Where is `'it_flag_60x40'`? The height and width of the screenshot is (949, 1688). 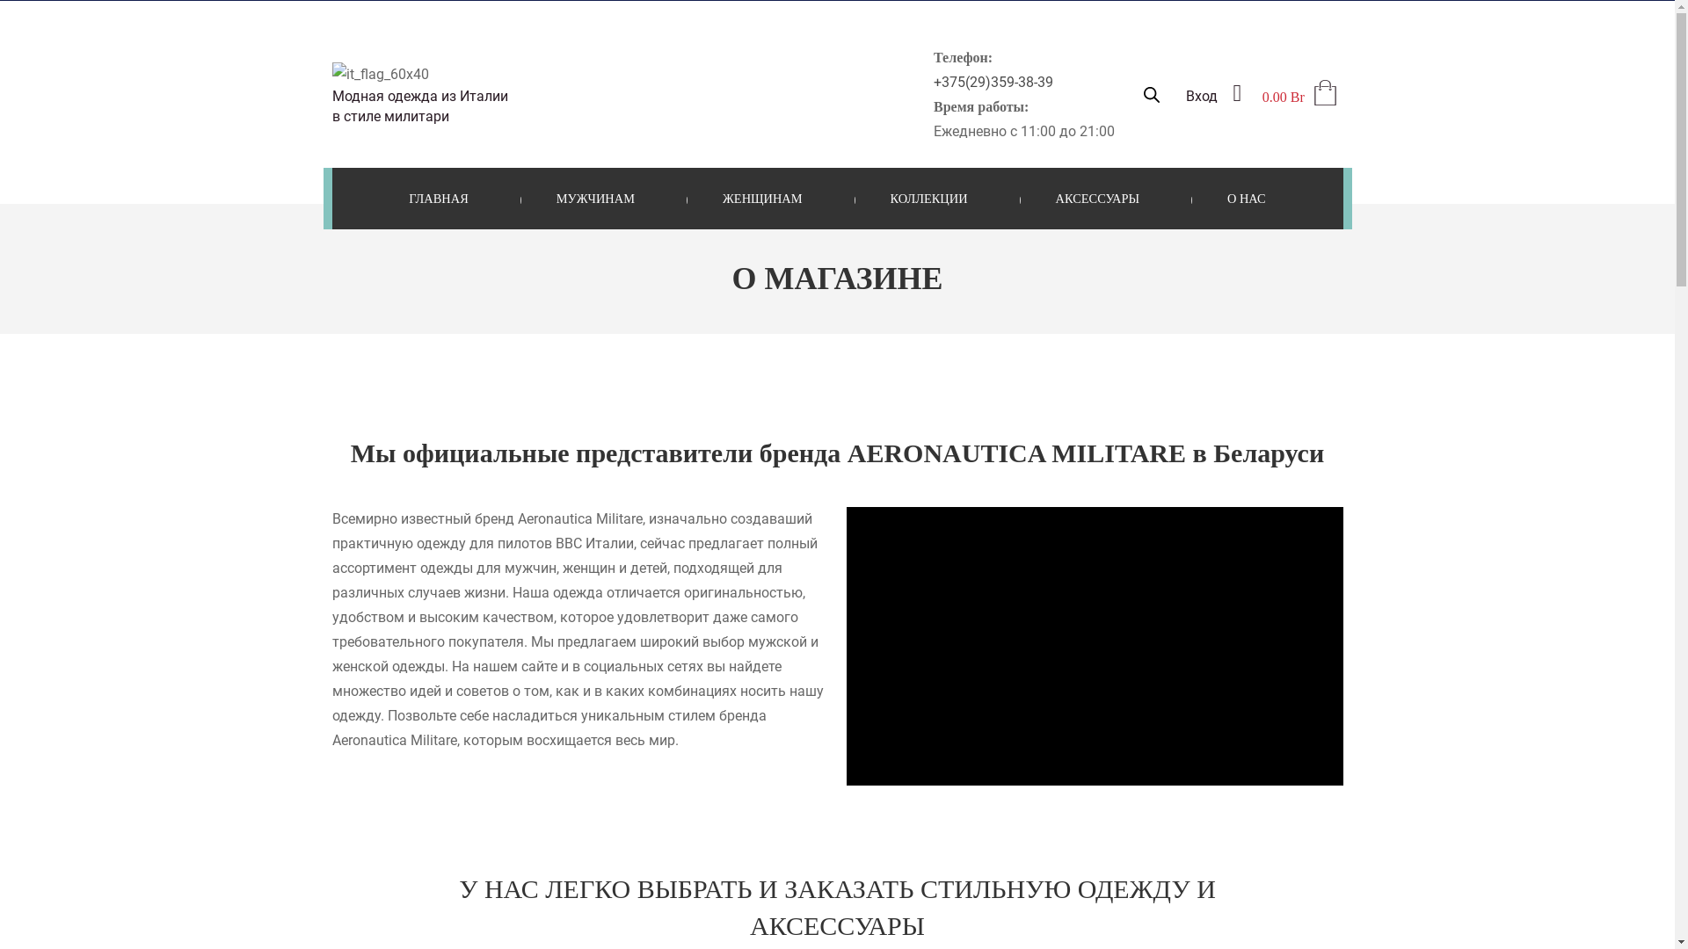
'it_flag_60x40' is located at coordinates (379, 73).